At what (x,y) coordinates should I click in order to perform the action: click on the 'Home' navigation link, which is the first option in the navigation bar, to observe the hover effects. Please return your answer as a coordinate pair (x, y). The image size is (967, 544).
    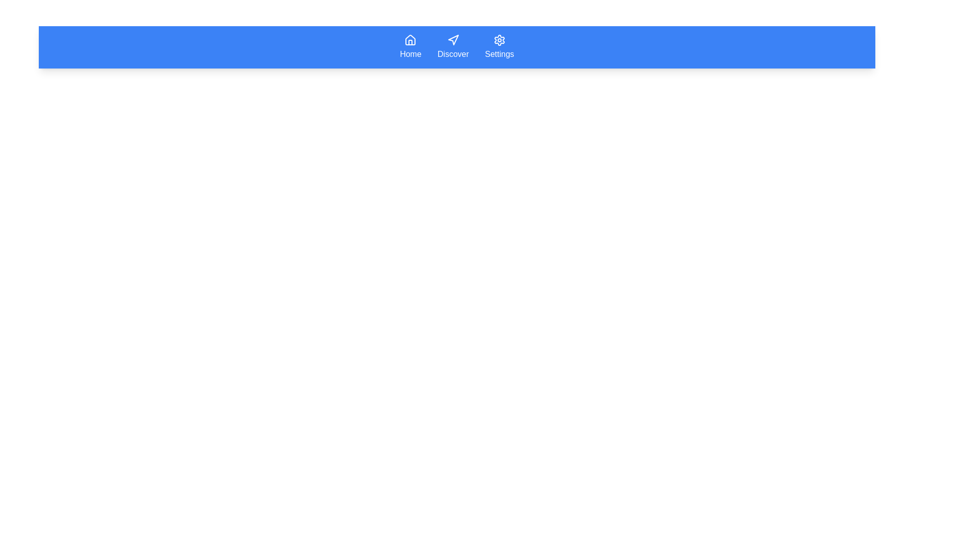
    Looking at the image, I should click on (410, 47).